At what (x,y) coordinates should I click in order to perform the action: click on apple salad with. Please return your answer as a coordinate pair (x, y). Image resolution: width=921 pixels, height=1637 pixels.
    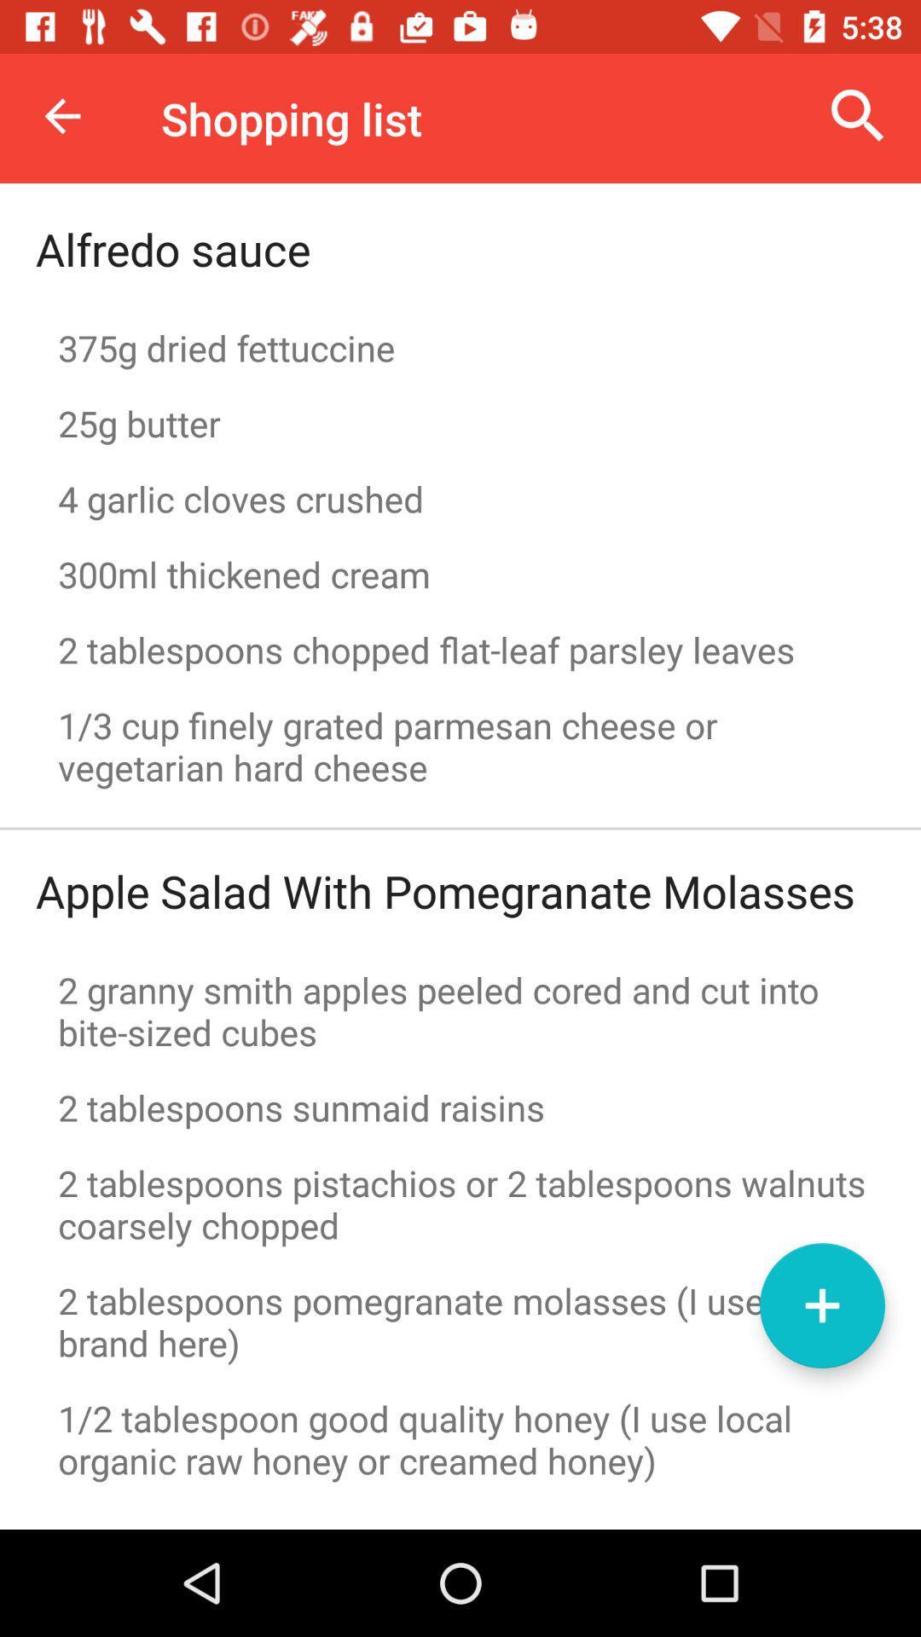
    Looking at the image, I should click on (444, 890).